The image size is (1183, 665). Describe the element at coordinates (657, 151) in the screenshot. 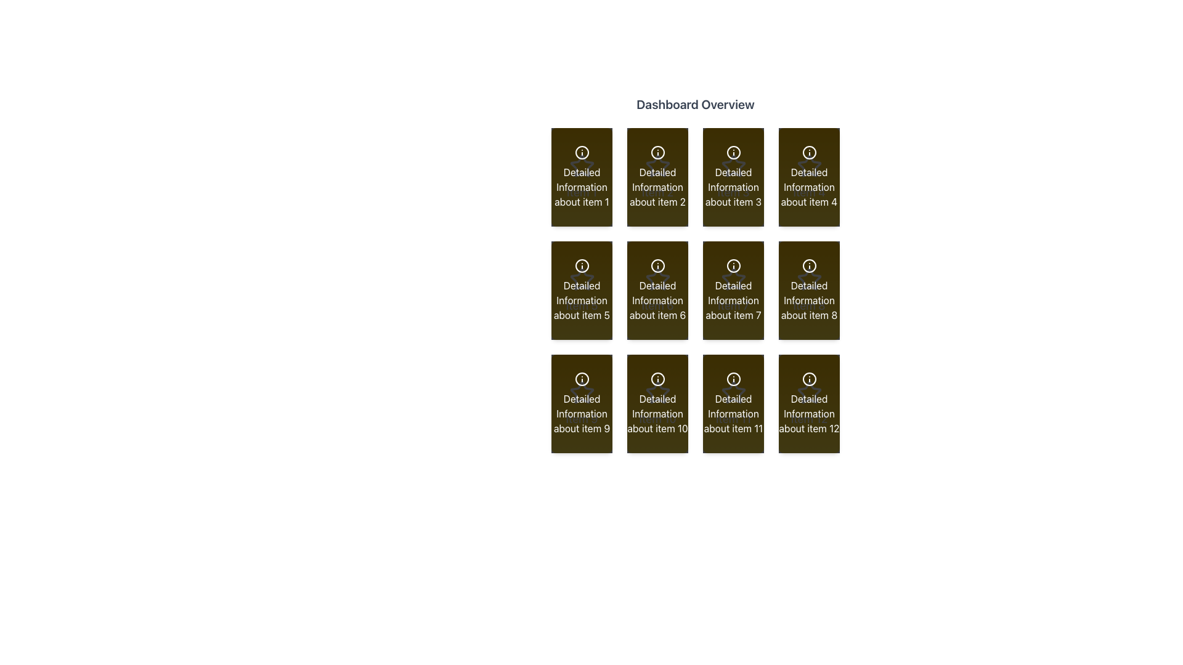

I see `the SVG Circle Element located in the second card of the first row in a 4x3 grid, which is part of an information icon labeled 'Detailed Information about item 2'` at that location.